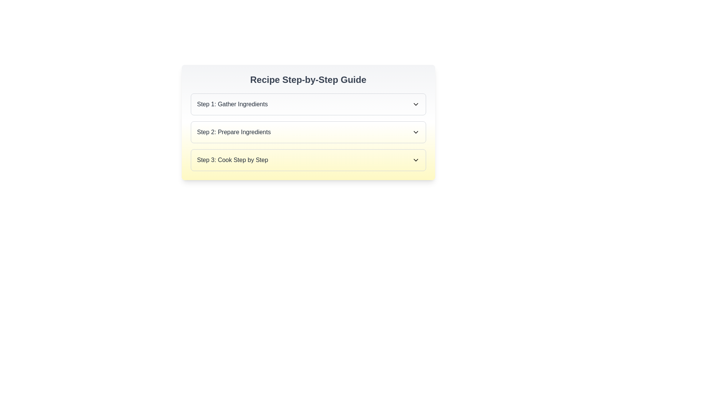 This screenshot has height=407, width=724. I want to click on the expandable list item for 'Step 2: Prepare Ingredients', so click(308, 132).